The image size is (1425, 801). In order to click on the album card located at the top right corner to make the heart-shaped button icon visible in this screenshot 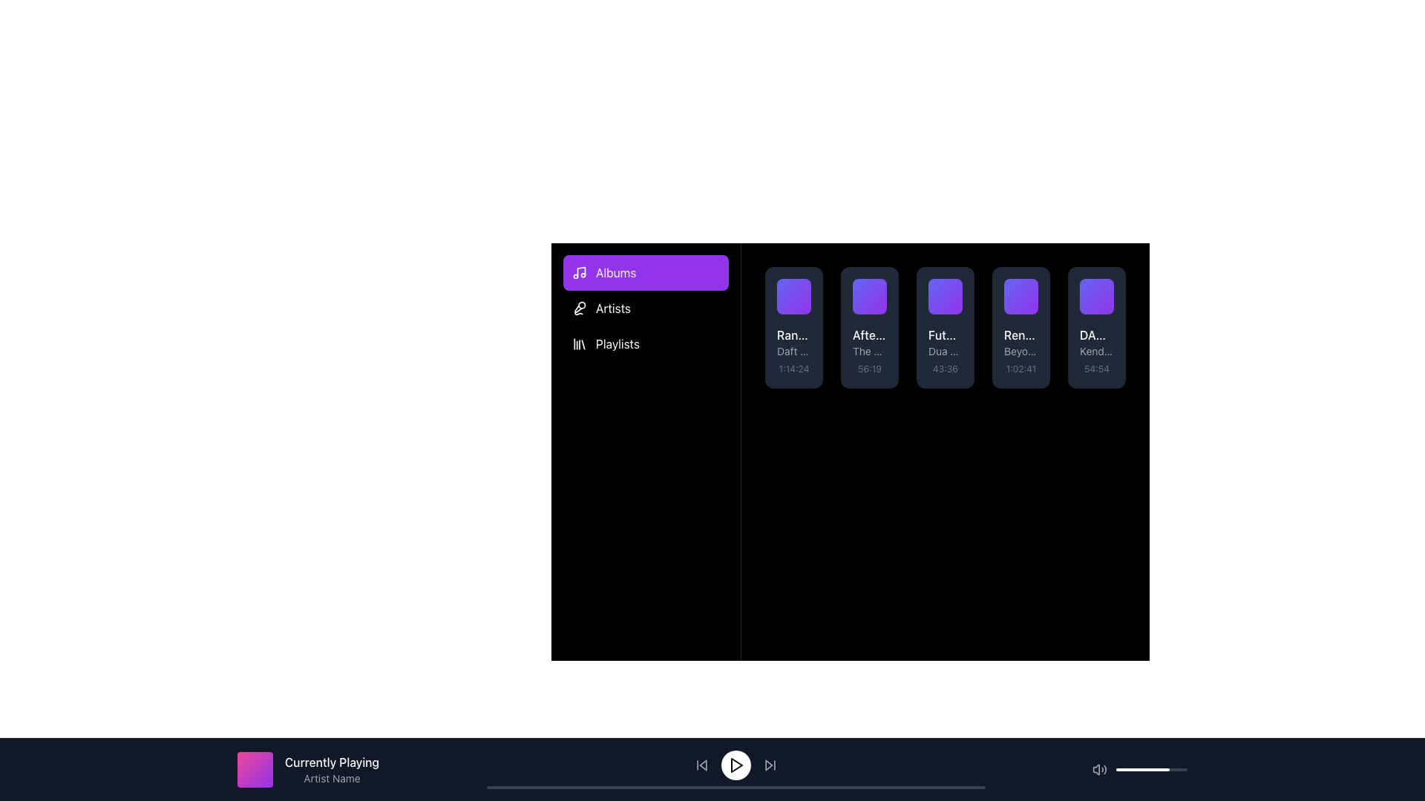, I will do `click(877, 288)`.